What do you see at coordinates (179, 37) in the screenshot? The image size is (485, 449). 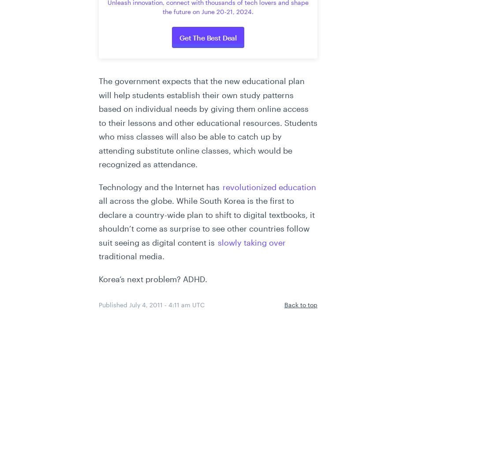 I see `'Get The Best Deal'` at bounding box center [179, 37].